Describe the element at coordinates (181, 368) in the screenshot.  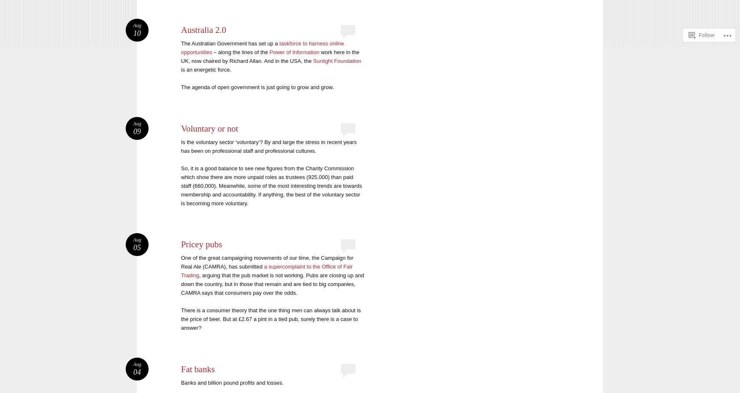
I see `'Fat banks'` at that location.